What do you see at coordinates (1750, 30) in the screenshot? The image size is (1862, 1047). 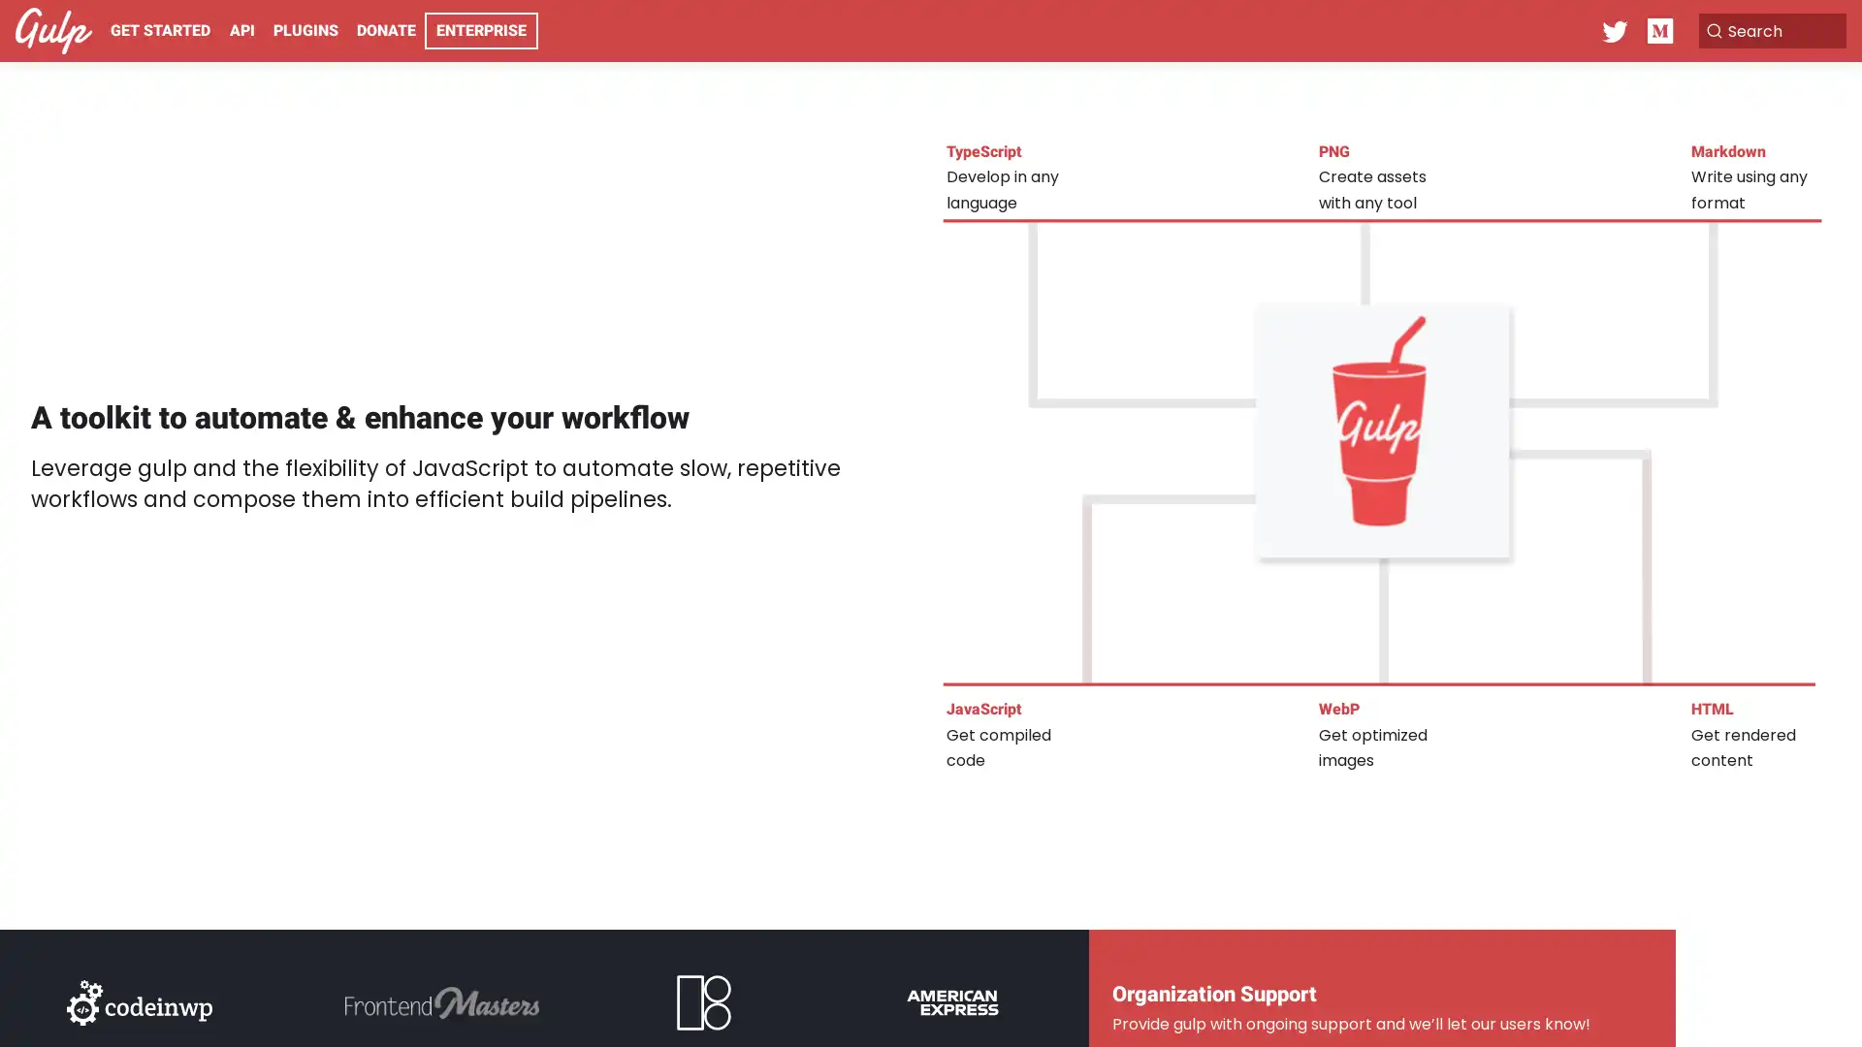 I see `Search` at bounding box center [1750, 30].